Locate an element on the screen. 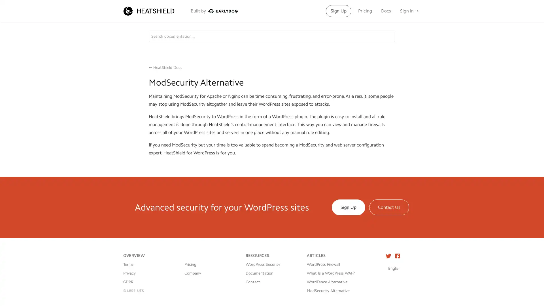 The width and height of the screenshot is (544, 306). Sign Up is located at coordinates (339, 11).